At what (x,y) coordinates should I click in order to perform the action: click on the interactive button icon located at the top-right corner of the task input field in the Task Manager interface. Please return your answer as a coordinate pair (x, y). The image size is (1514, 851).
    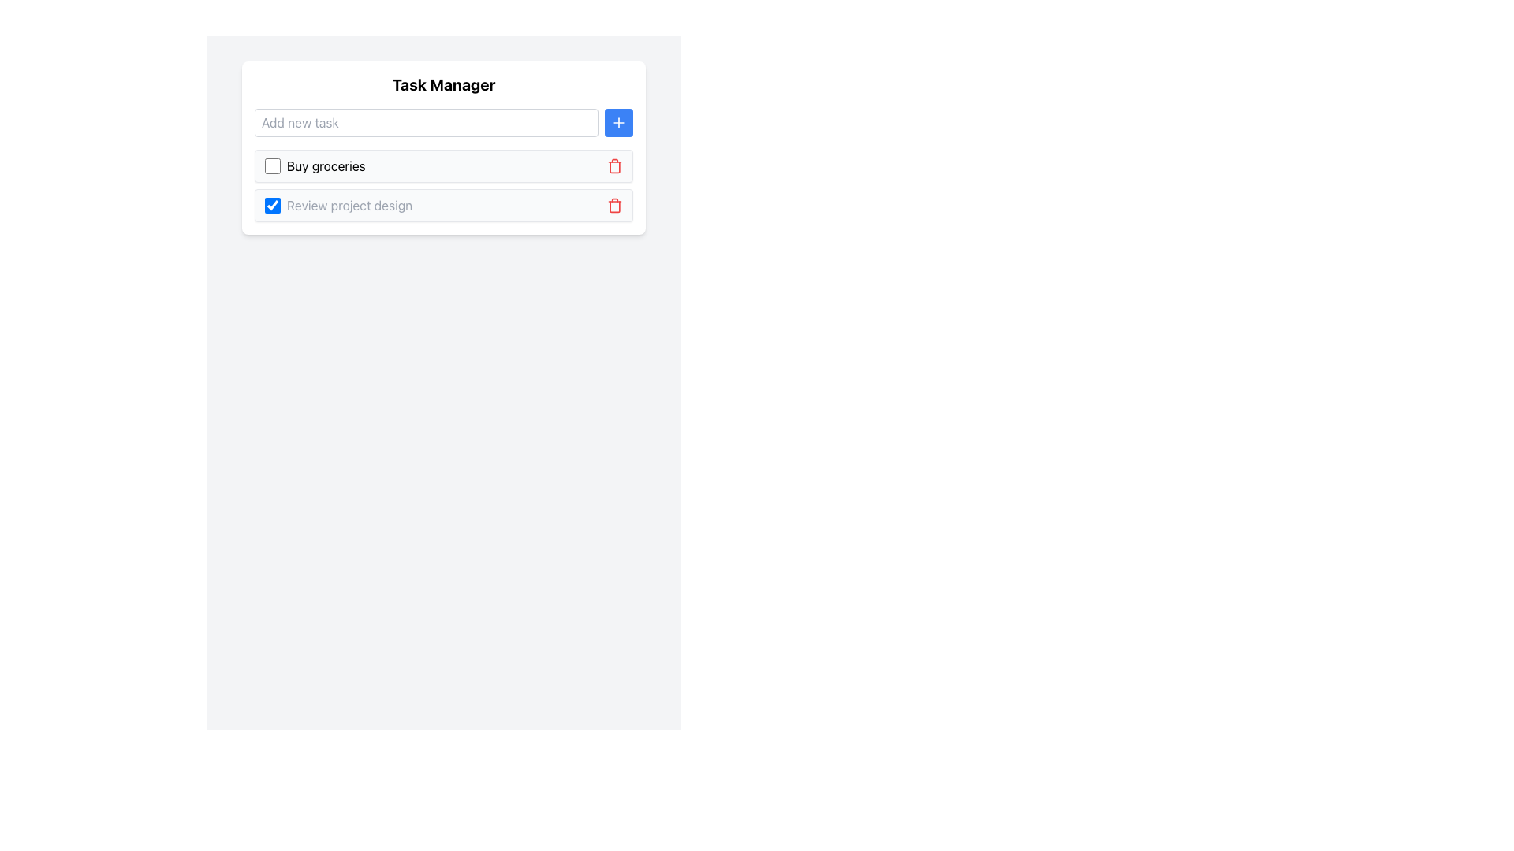
    Looking at the image, I should click on (618, 121).